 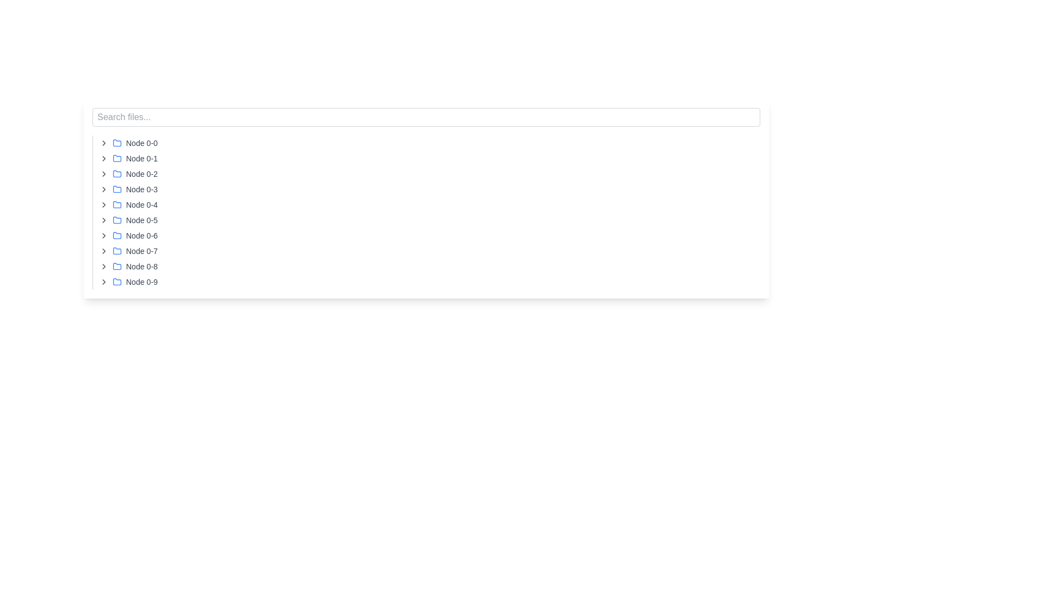 What do you see at coordinates (117, 204) in the screenshot?
I see `the blue folder icon located to the left of the text label 'Node 0-4' in the vertical list, which has a minimalist design and rounded corners` at bounding box center [117, 204].